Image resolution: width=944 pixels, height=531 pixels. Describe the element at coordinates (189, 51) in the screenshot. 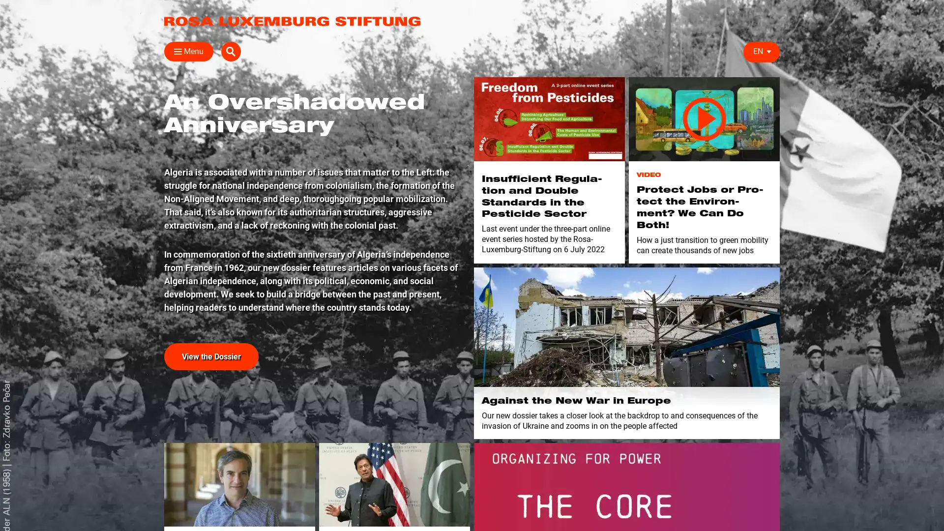

I see `Menu` at that location.